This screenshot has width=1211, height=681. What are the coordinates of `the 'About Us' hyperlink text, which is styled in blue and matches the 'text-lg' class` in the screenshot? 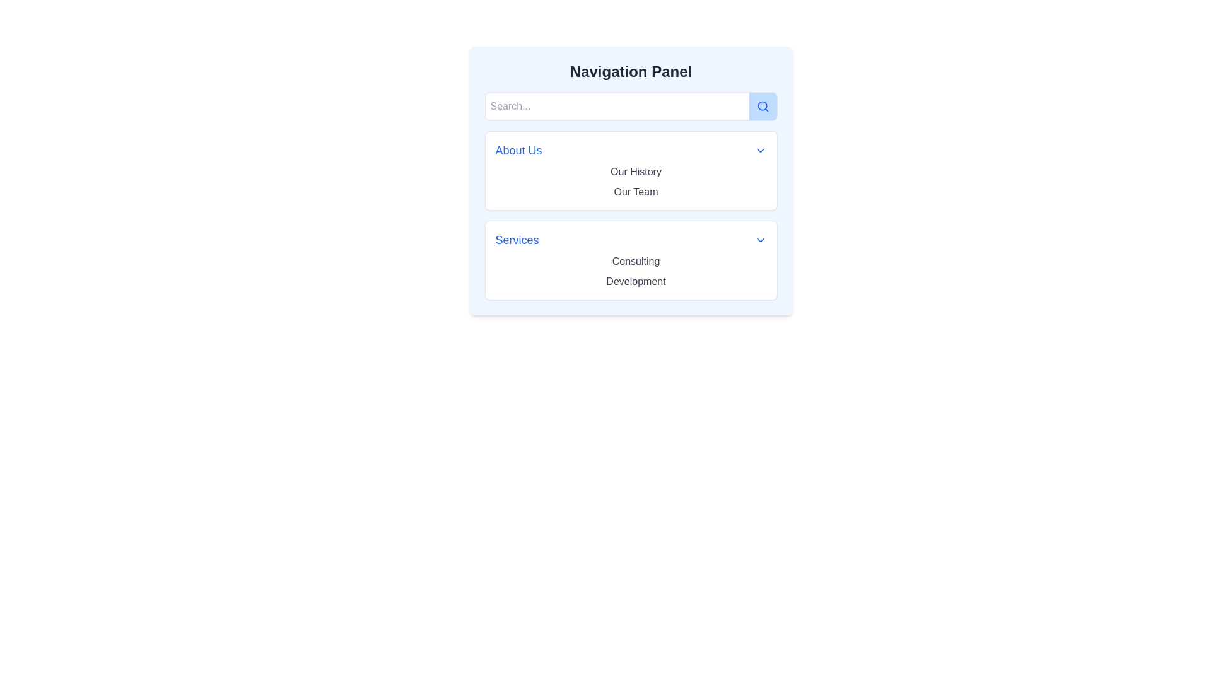 It's located at (518, 150).